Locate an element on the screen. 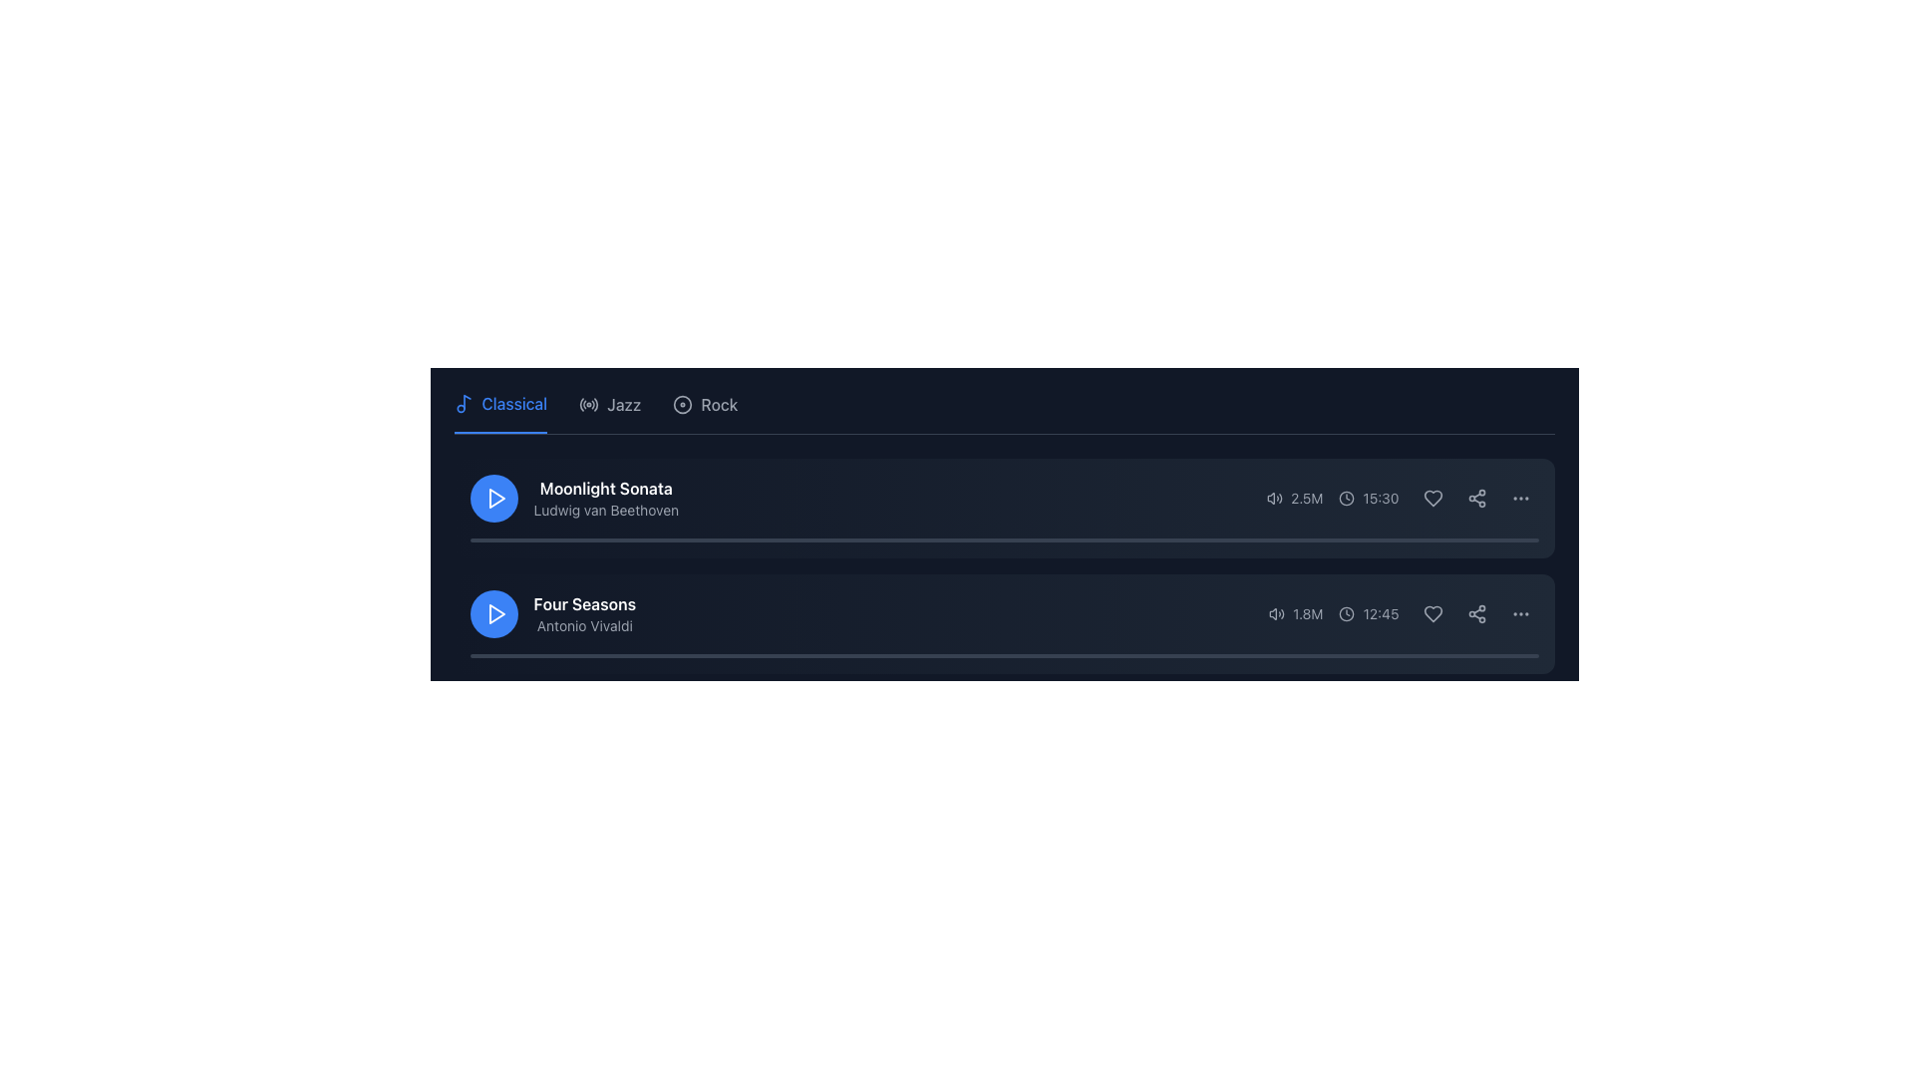  the 'Classical' button, which is styled with a blue text label and a music note icon is located at coordinates (500, 411).